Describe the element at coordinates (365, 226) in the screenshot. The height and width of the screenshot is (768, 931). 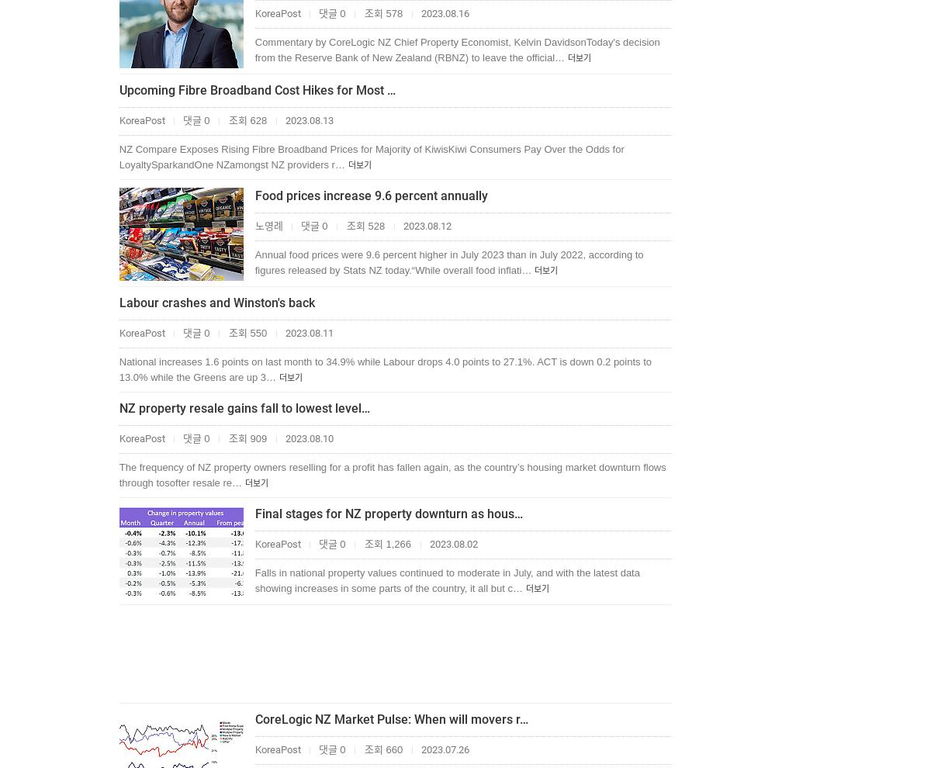
I see `'조회
					528'` at that location.